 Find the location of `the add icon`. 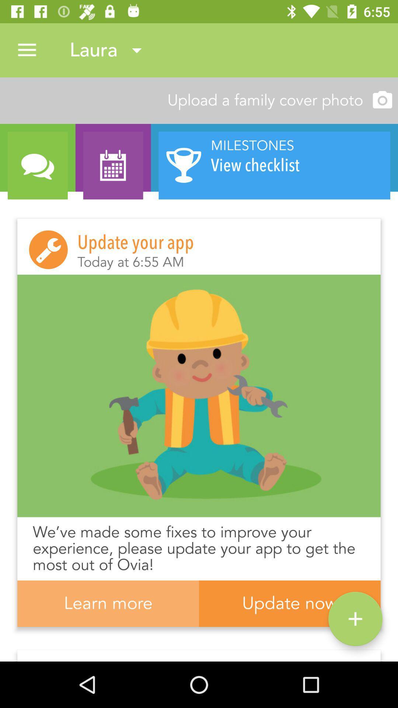

the add icon is located at coordinates (355, 619).